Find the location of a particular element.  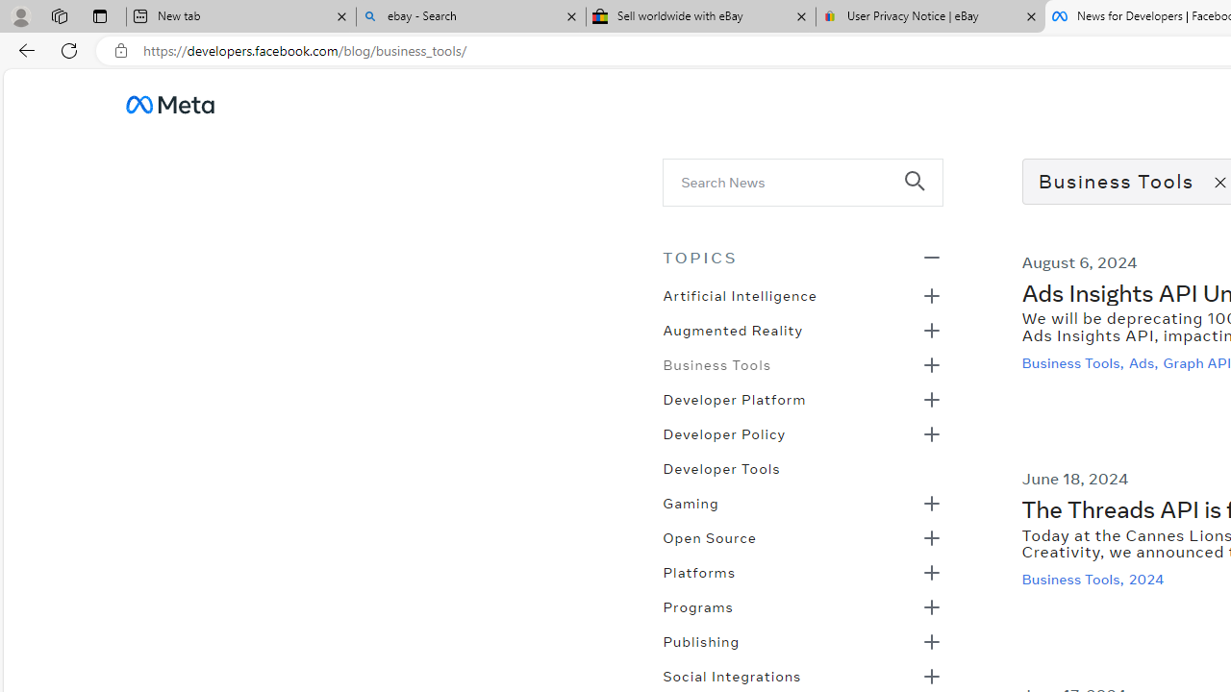

'Class: _58al' is located at coordinates (790, 182).